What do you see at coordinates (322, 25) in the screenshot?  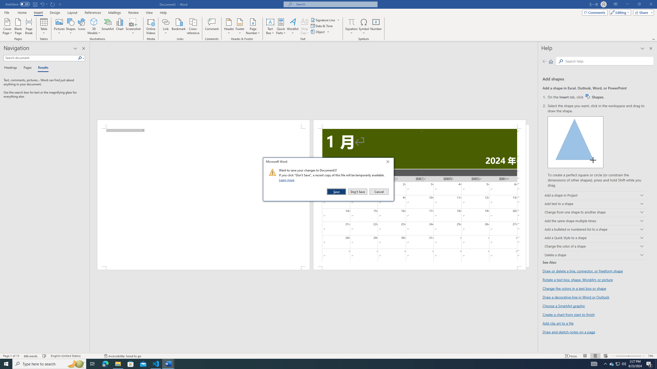 I see `'Date & Time...'` at bounding box center [322, 25].